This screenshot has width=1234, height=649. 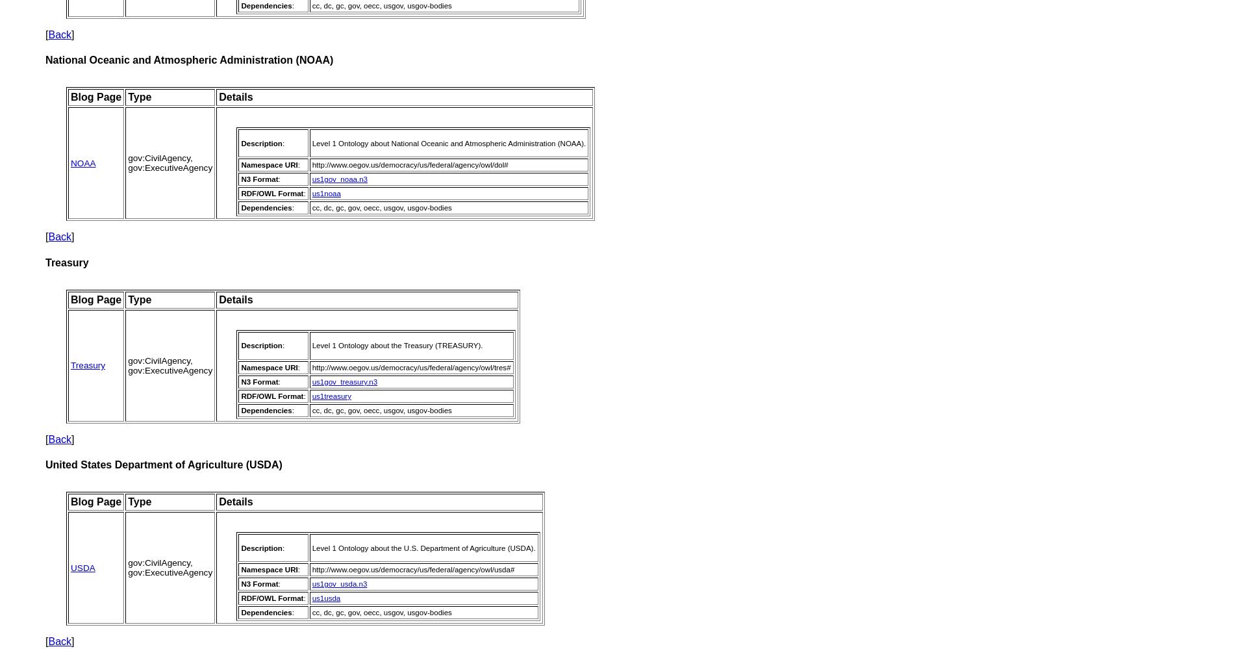 I want to click on 'us1gov_usda.n3', so click(x=339, y=584).